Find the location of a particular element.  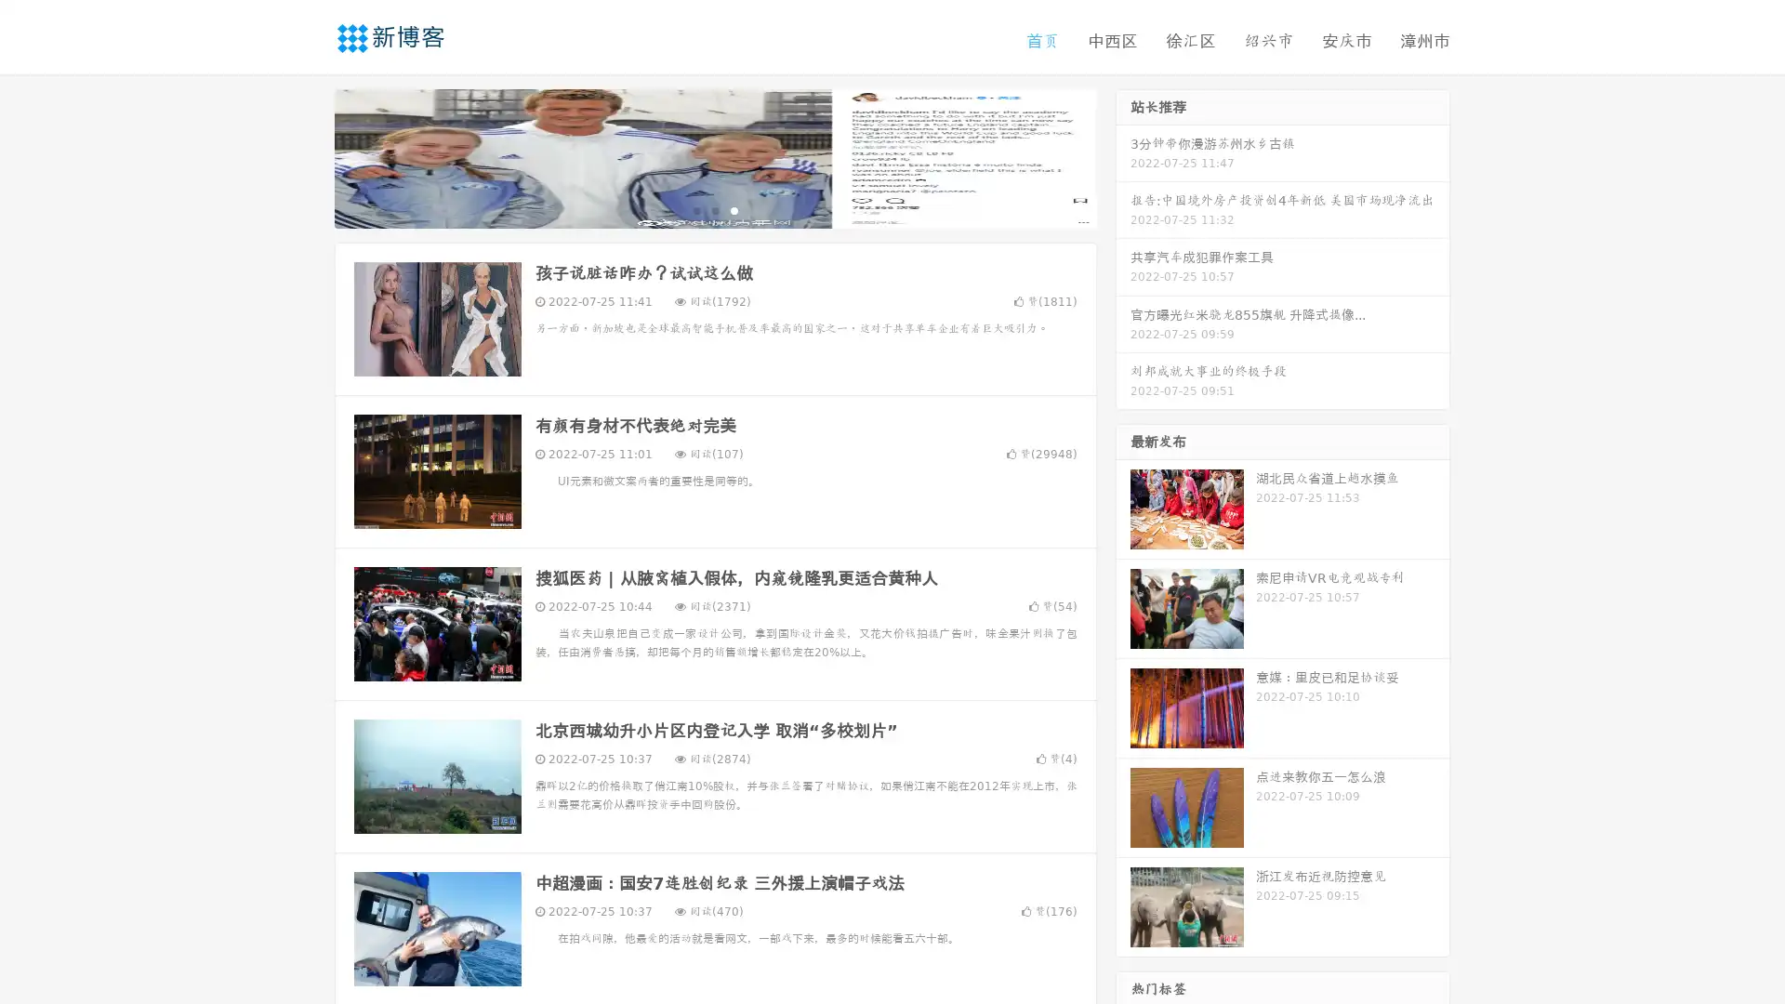

Go to slide 3 is located at coordinates (734, 209).